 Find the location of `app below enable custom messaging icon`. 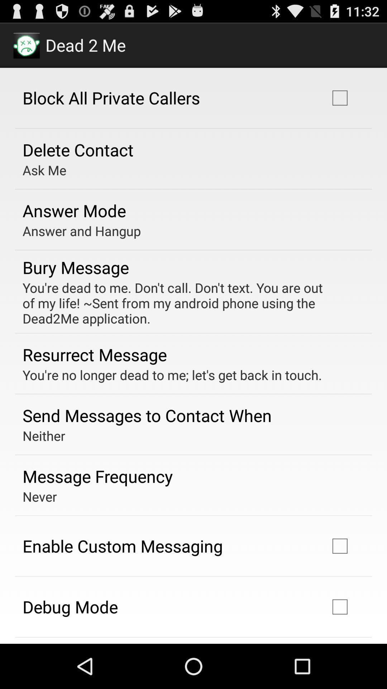

app below enable custom messaging icon is located at coordinates (70, 606).